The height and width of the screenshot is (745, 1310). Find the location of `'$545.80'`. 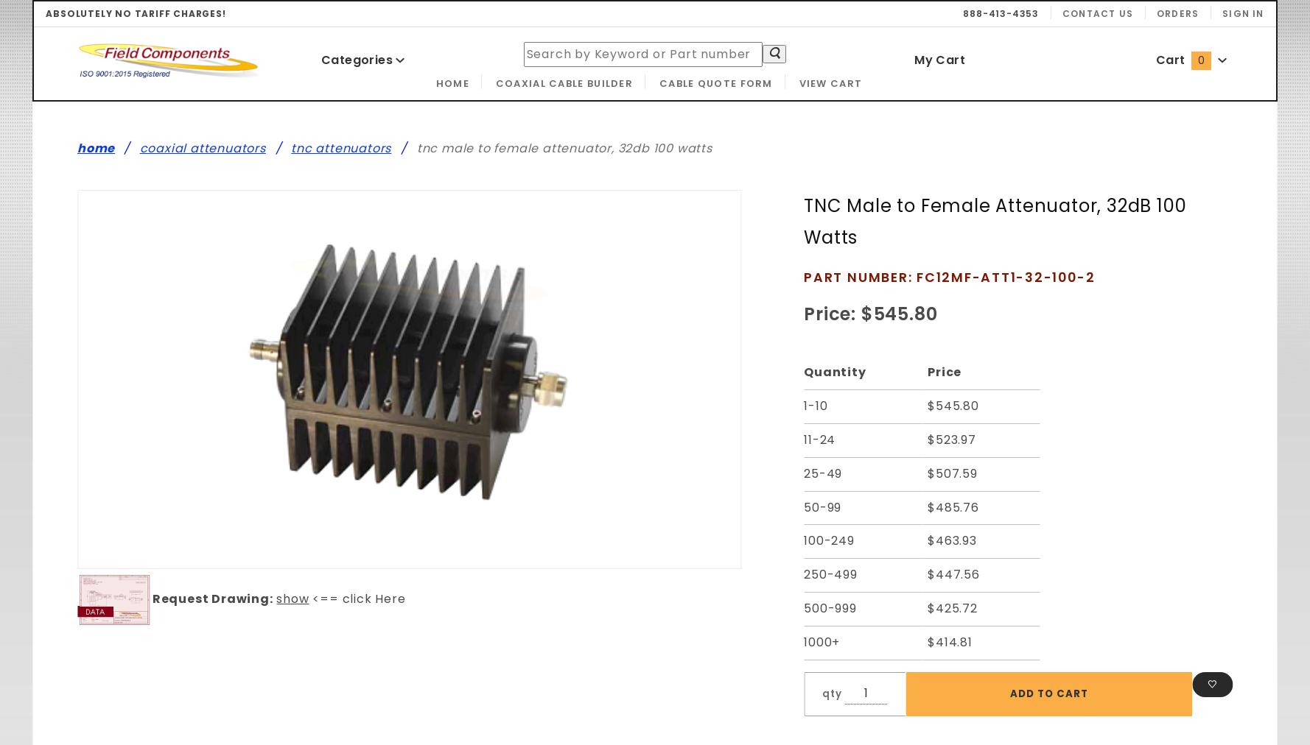

'$545.80' is located at coordinates (953, 405).